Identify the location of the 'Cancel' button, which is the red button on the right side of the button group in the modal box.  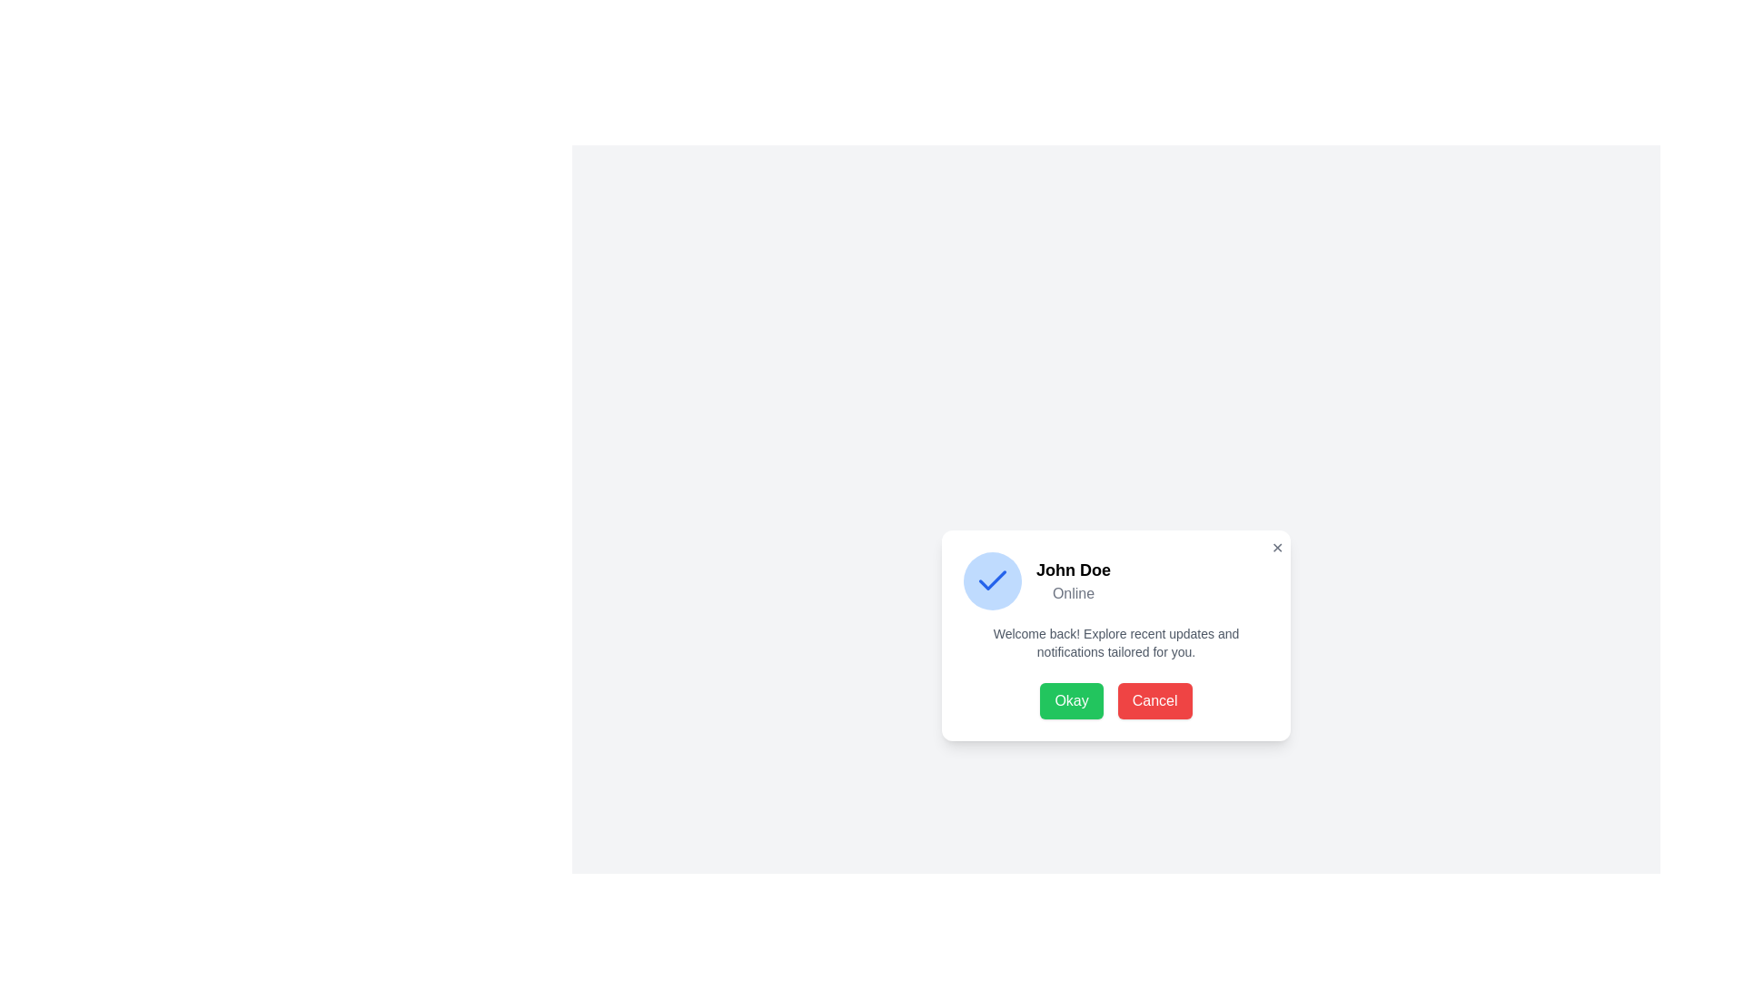
(1115, 699).